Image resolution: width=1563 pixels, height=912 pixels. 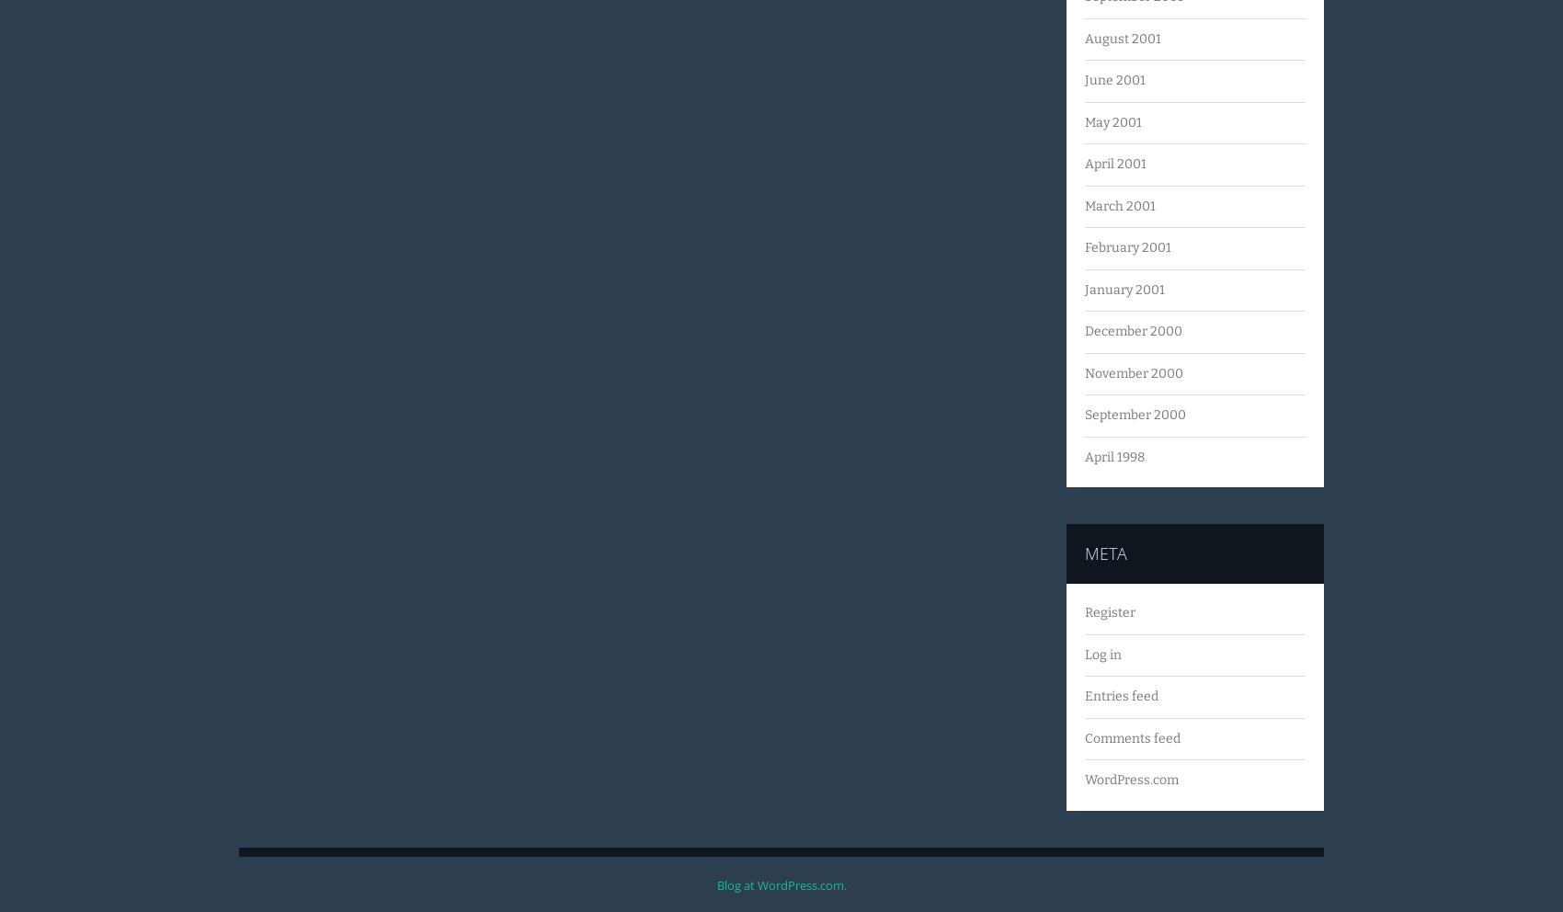 What do you see at coordinates (1083, 246) in the screenshot?
I see `'February 2001'` at bounding box center [1083, 246].